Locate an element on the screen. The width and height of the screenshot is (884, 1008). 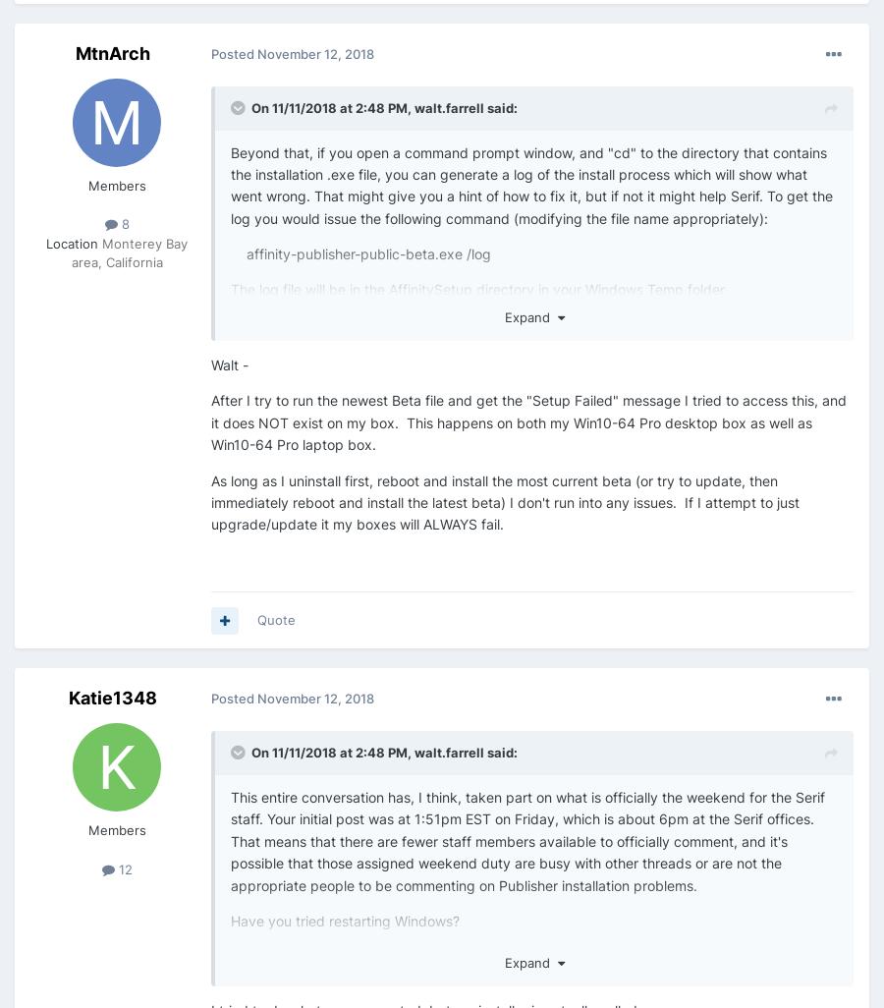
'Katie1348' is located at coordinates (68, 697).